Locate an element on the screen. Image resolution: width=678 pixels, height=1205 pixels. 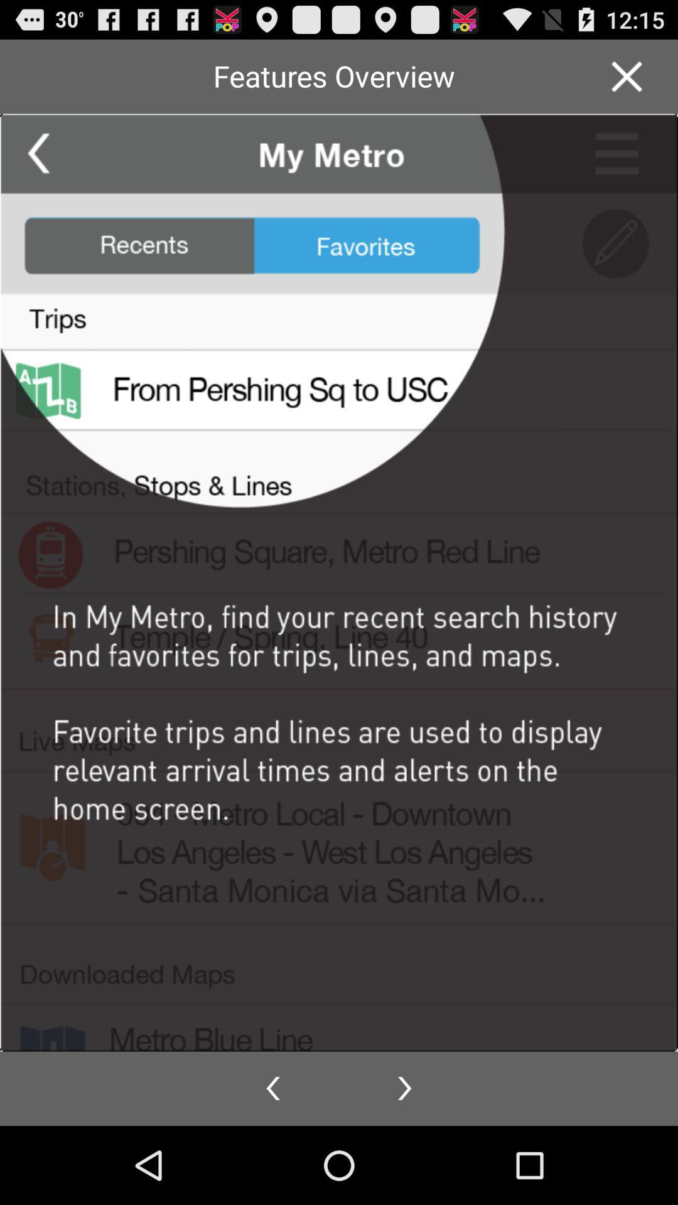
the arrow_backward icon is located at coordinates (272, 1164).